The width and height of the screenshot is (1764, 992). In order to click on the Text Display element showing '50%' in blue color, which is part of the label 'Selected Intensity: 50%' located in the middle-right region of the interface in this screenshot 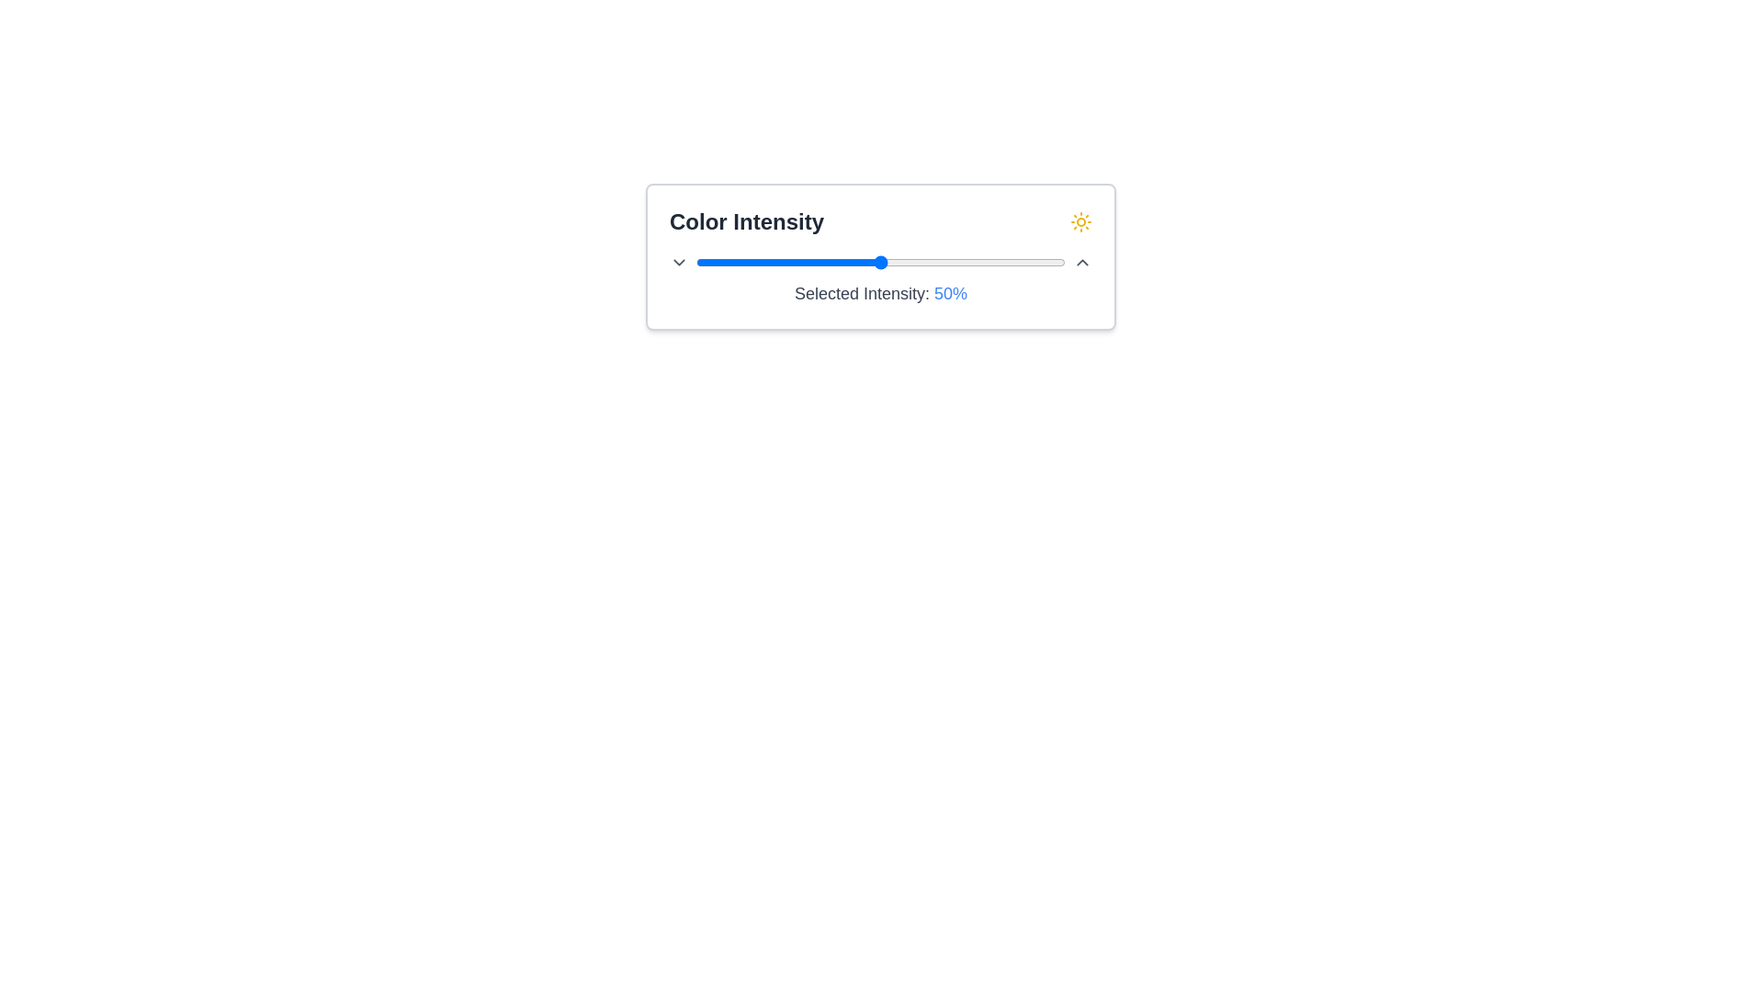, I will do `click(951, 293)`.